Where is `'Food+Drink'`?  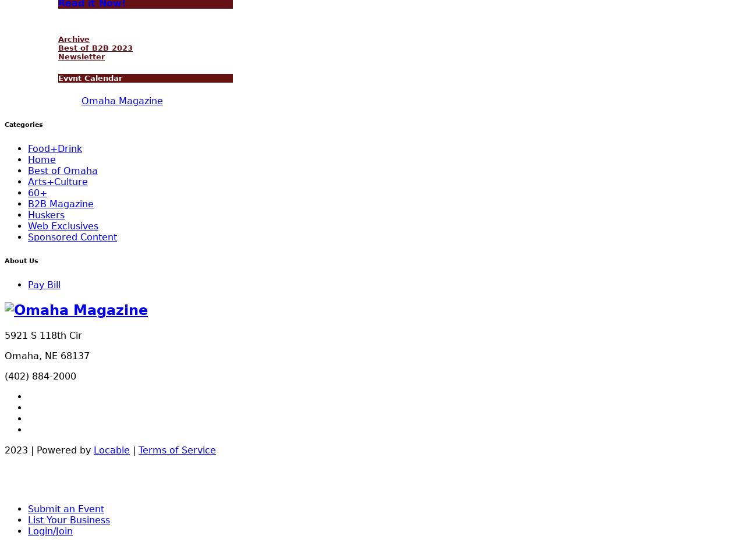
'Food+Drink' is located at coordinates (55, 148).